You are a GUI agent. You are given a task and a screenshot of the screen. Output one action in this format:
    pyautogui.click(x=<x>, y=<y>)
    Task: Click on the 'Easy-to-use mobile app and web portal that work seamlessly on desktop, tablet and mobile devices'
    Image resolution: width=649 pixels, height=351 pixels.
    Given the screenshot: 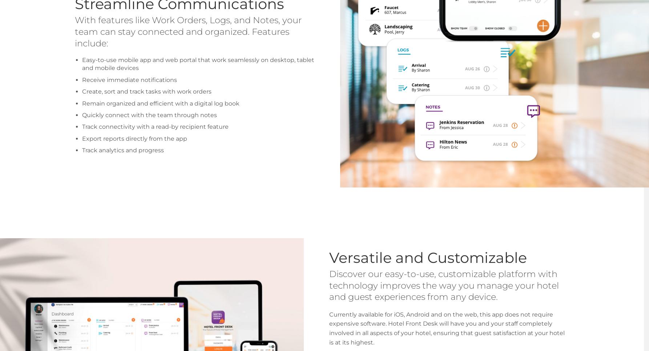 What is the action you would take?
    pyautogui.click(x=81, y=64)
    